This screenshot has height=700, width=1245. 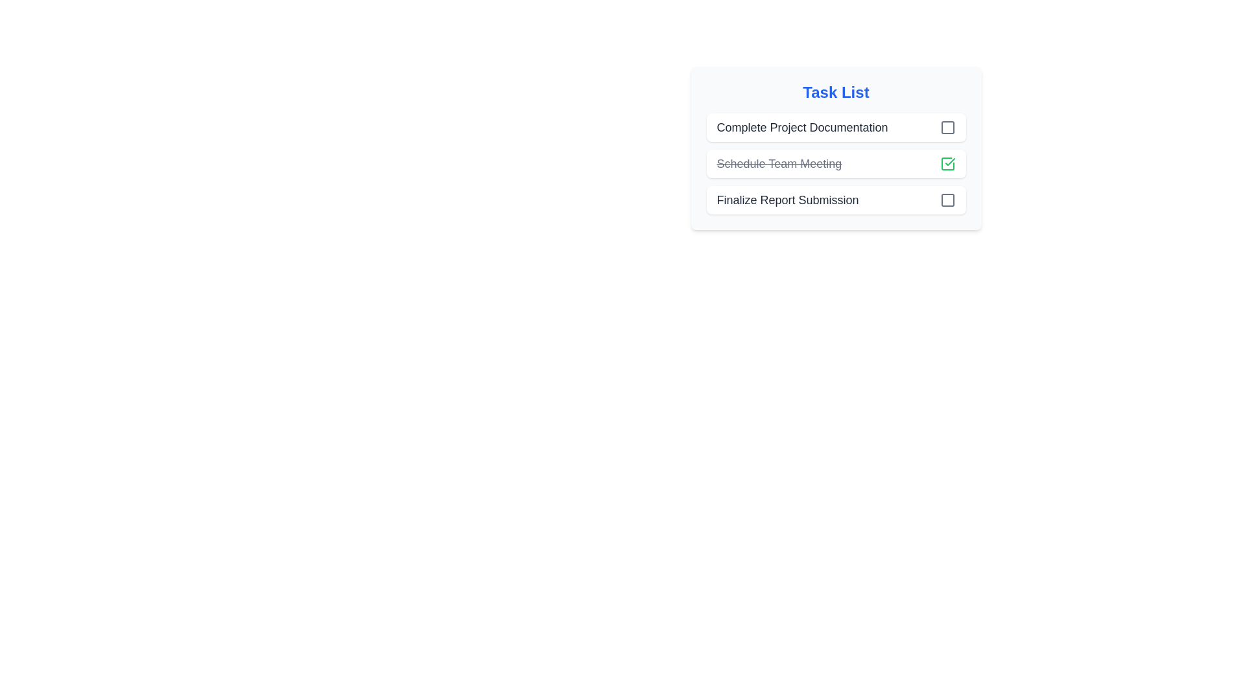 I want to click on the Checkbox visual indicator for the 'Schedule Team Meeting' task, so click(x=947, y=163).